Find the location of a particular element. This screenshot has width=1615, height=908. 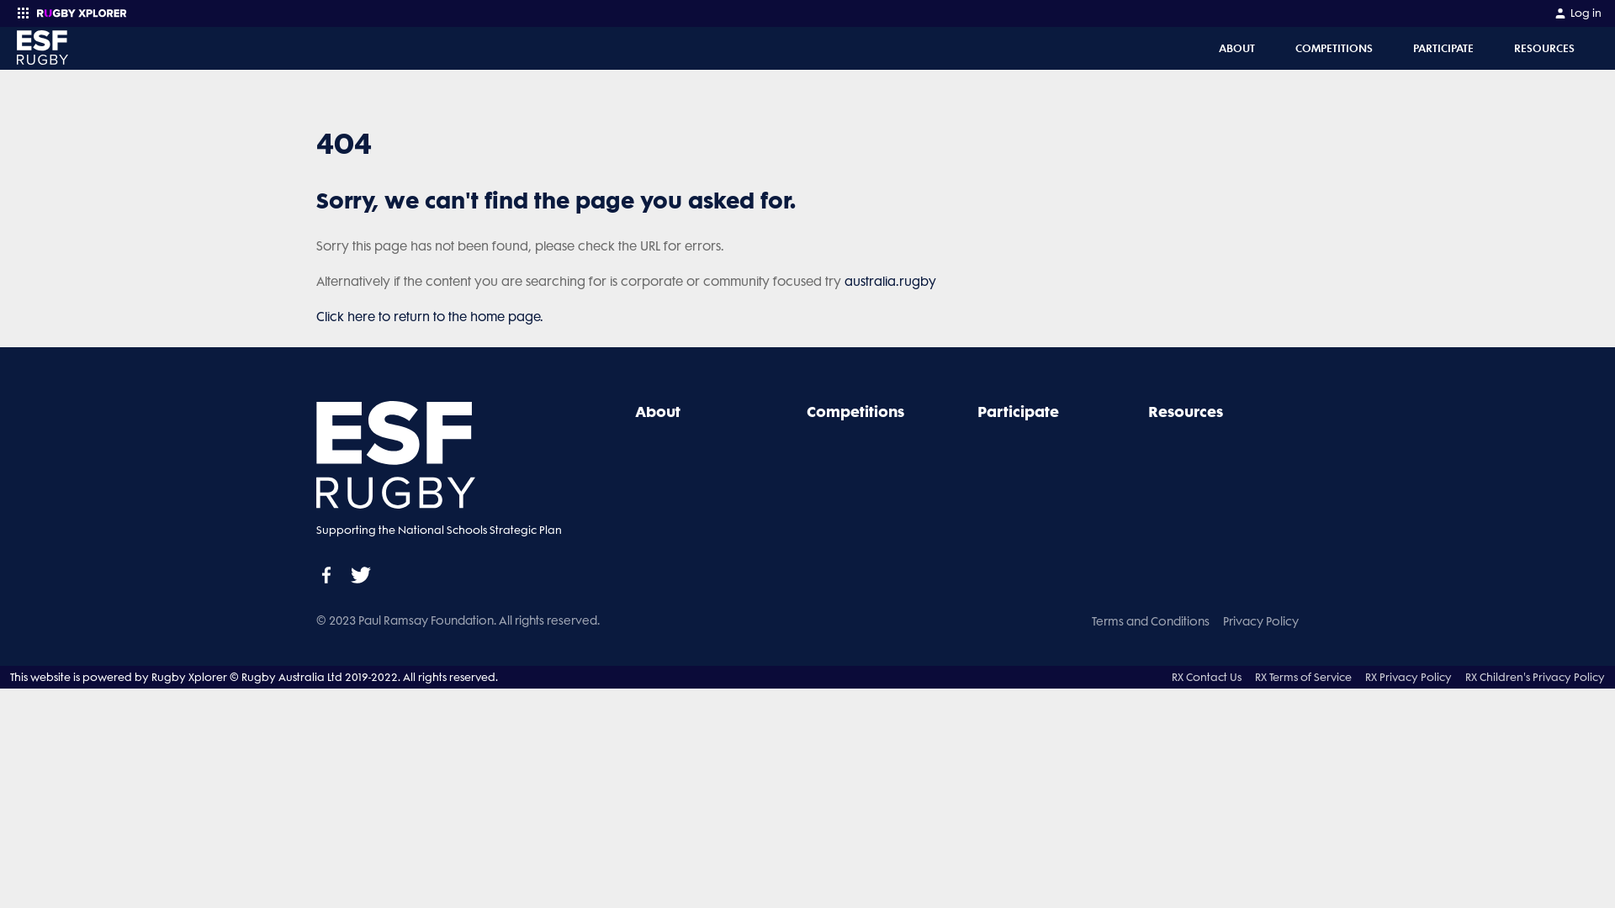

'RX Contact Us' is located at coordinates (1205, 676).